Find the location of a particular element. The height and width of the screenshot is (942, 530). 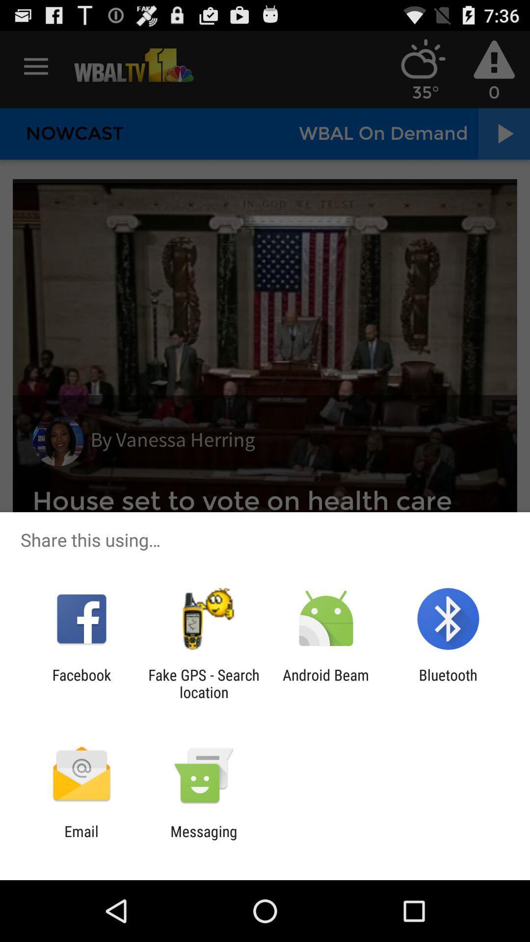

the fake gps search item is located at coordinates (203, 683).